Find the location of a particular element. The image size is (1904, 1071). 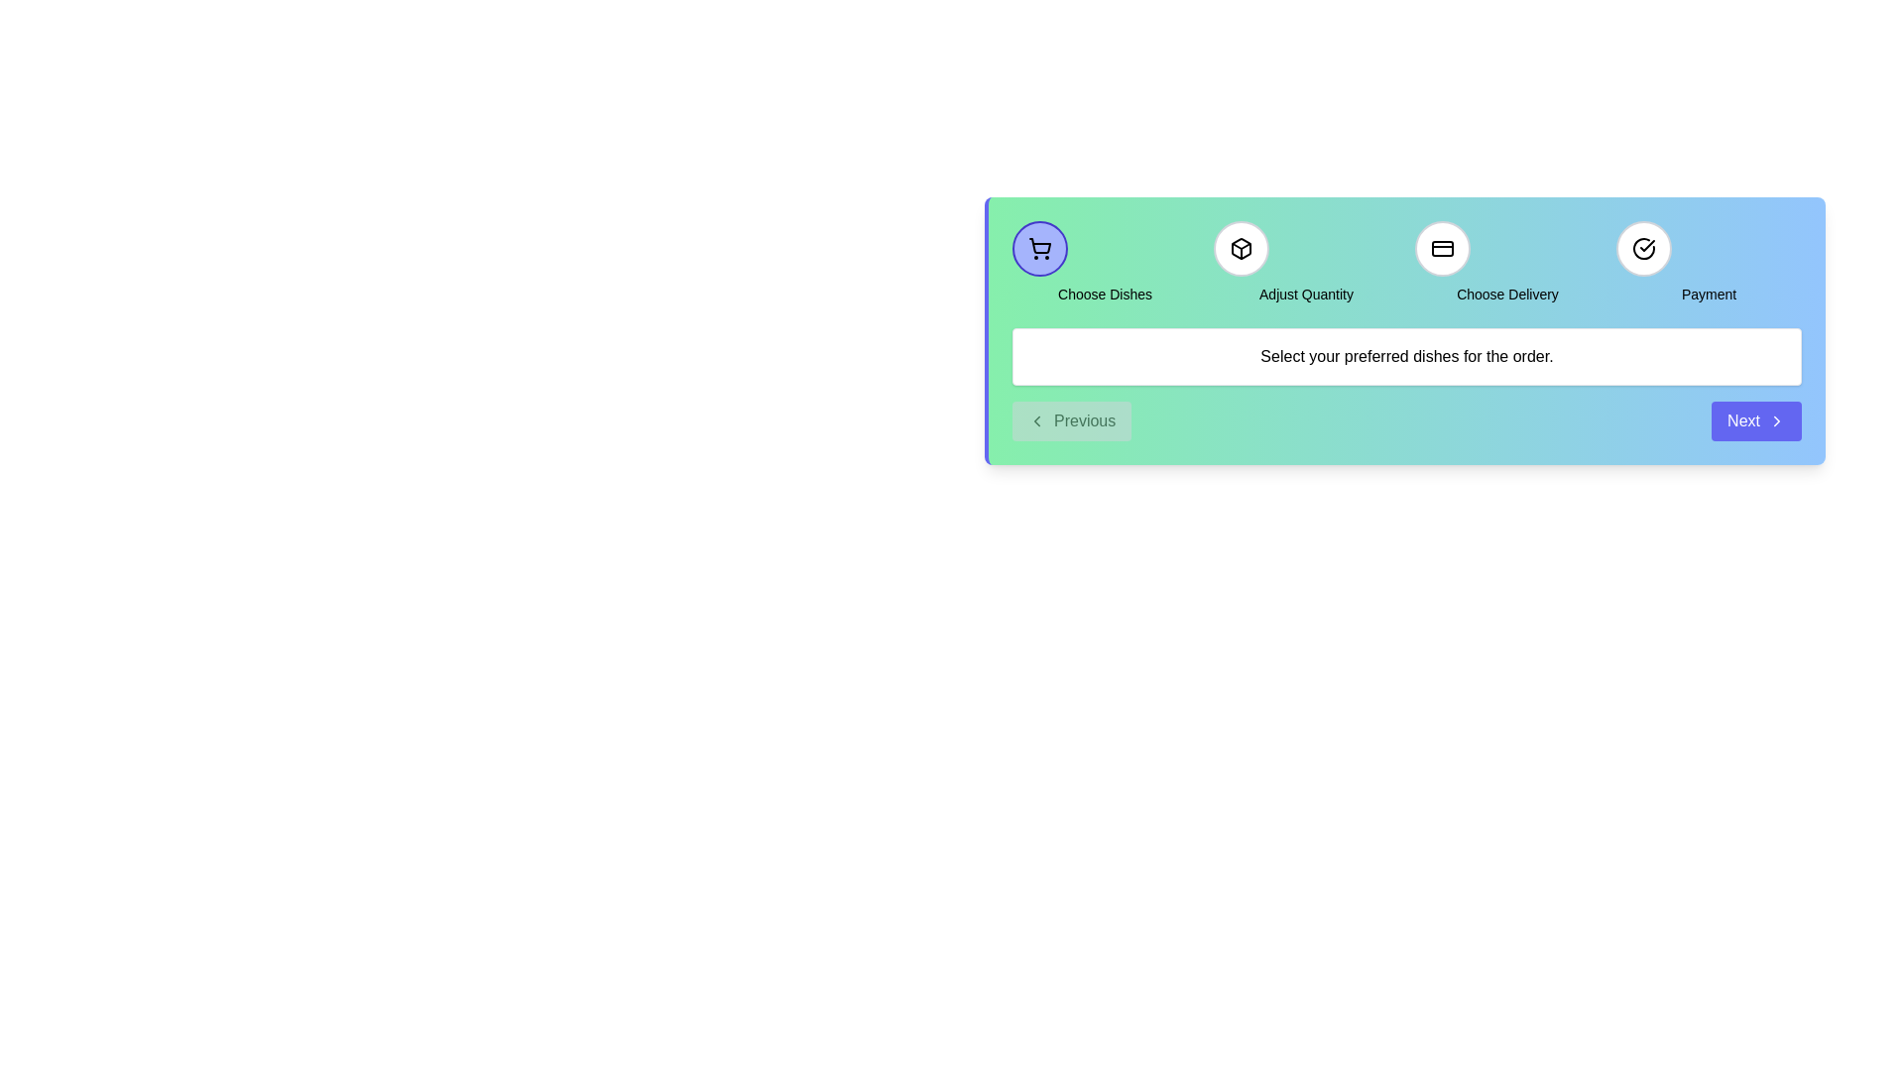

the leftward chevron arrow icon, which serves as a graphical indicator is located at coordinates (1036, 419).